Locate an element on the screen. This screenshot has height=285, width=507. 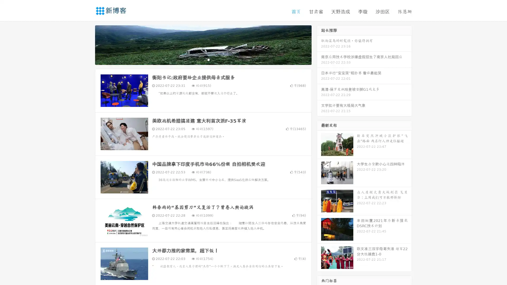
Go to slide 3 is located at coordinates (208, 59).